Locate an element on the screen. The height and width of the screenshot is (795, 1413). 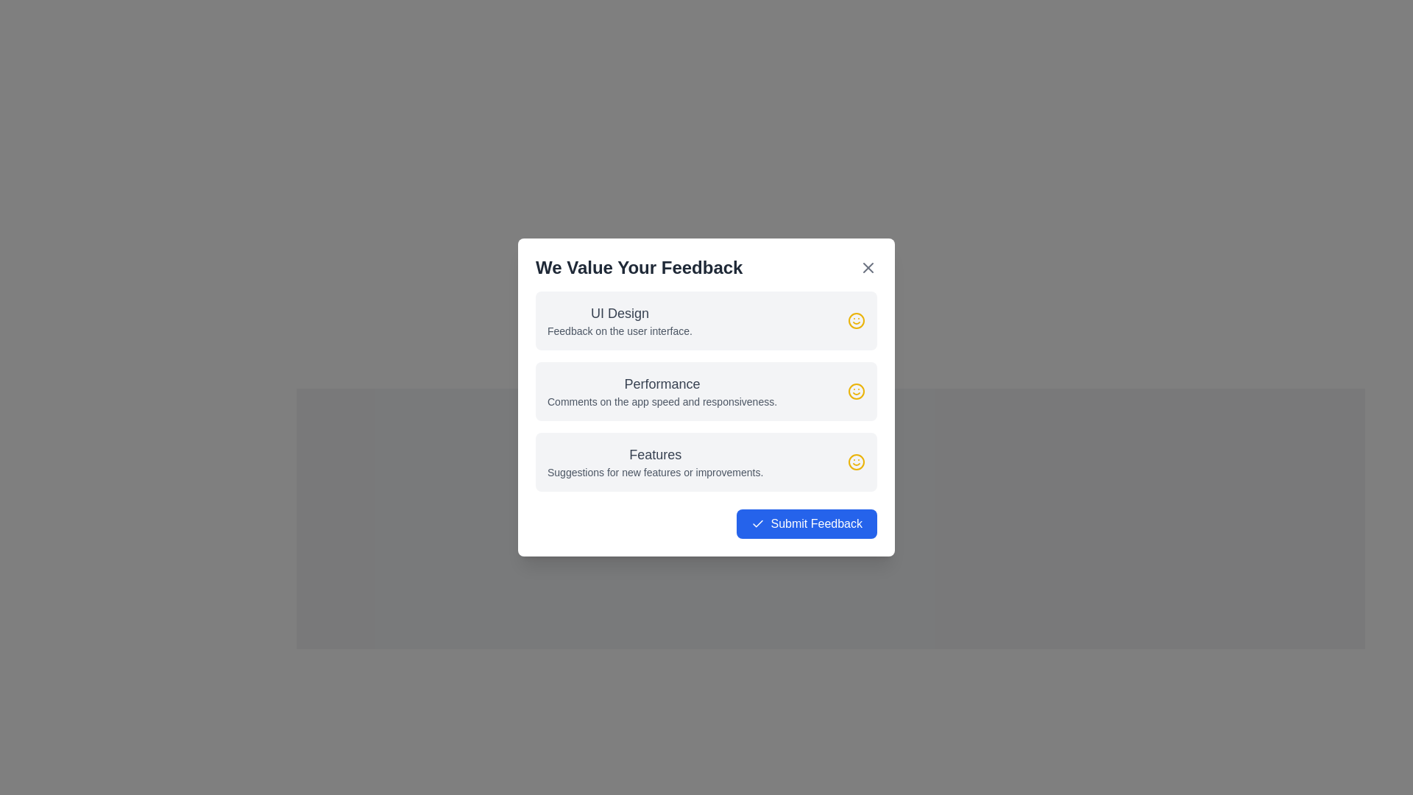
the positivity icon located in the bottom section of the feedback modal, specifically associated with the 'Features' feedback category, which is the third item in the vertical list of similar sections is located at coordinates (856, 462).